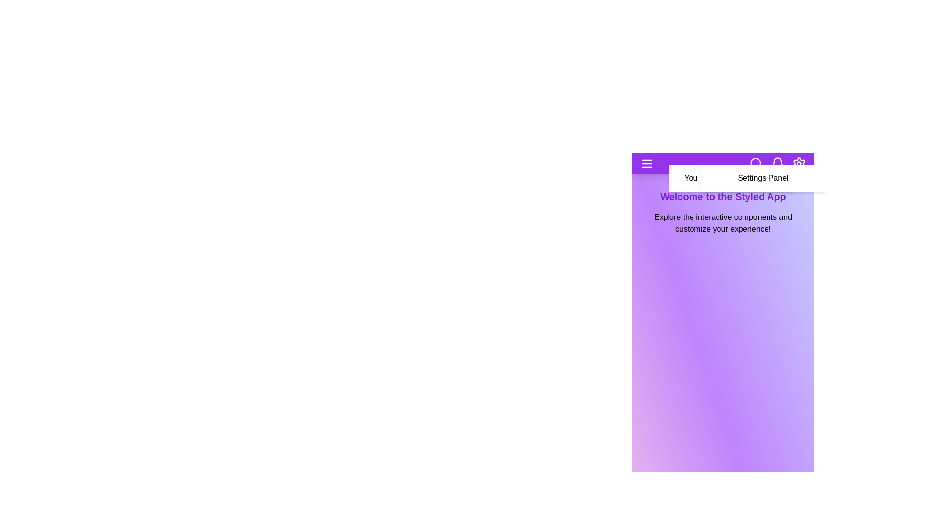 The image size is (941, 529). Describe the element at coordinates (723, 163) in the screenshot. I see `the purple header area` at that location.